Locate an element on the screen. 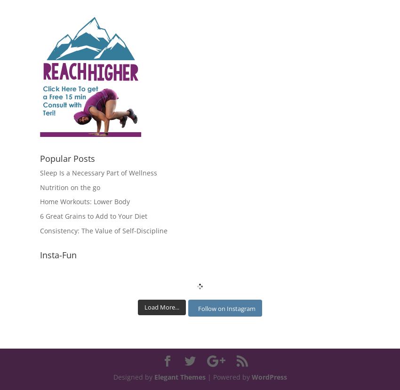 This screenshot has width=400, height=390. '| Powered by' is located at coordinates (228, 376).